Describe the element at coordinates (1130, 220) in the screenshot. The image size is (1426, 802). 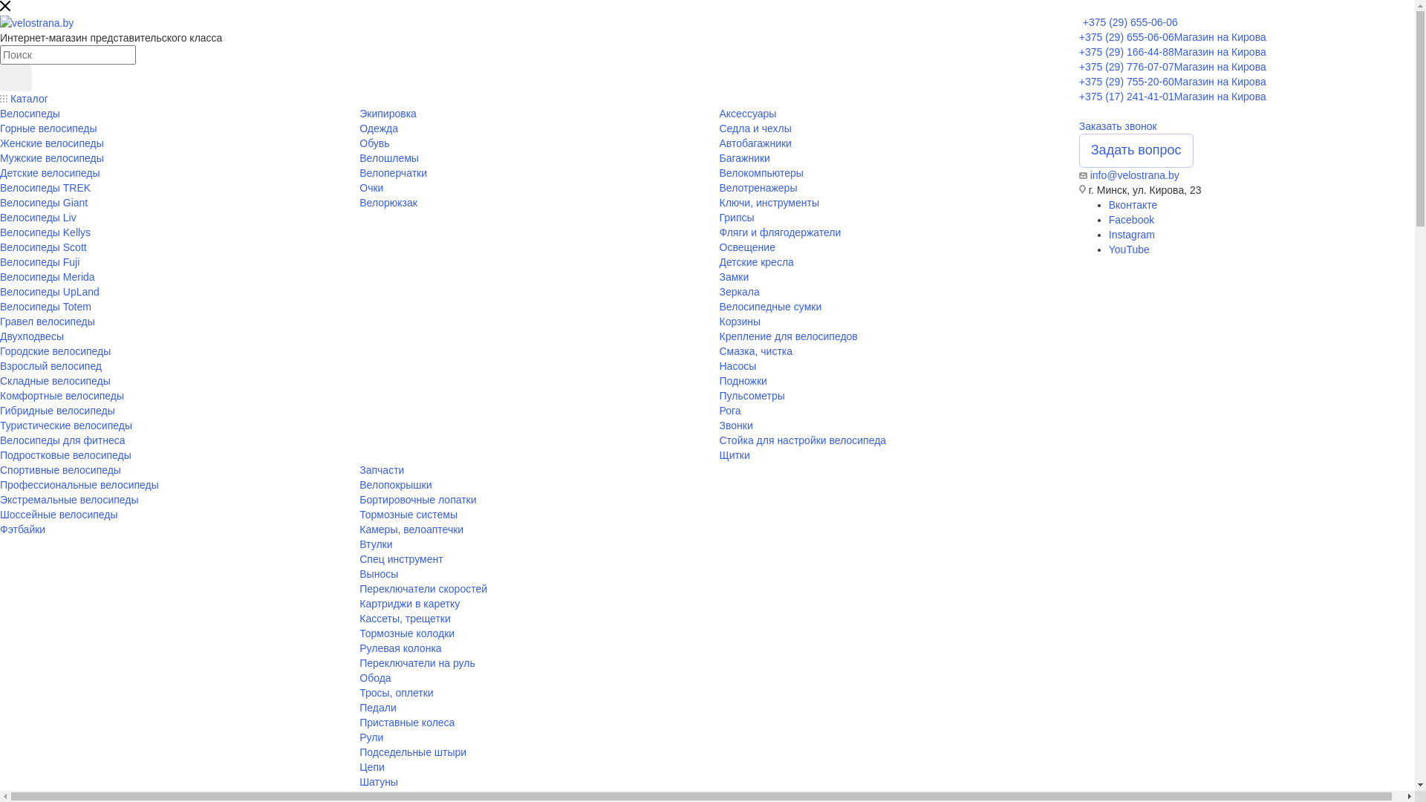
I see `'Facebook'` at that location.